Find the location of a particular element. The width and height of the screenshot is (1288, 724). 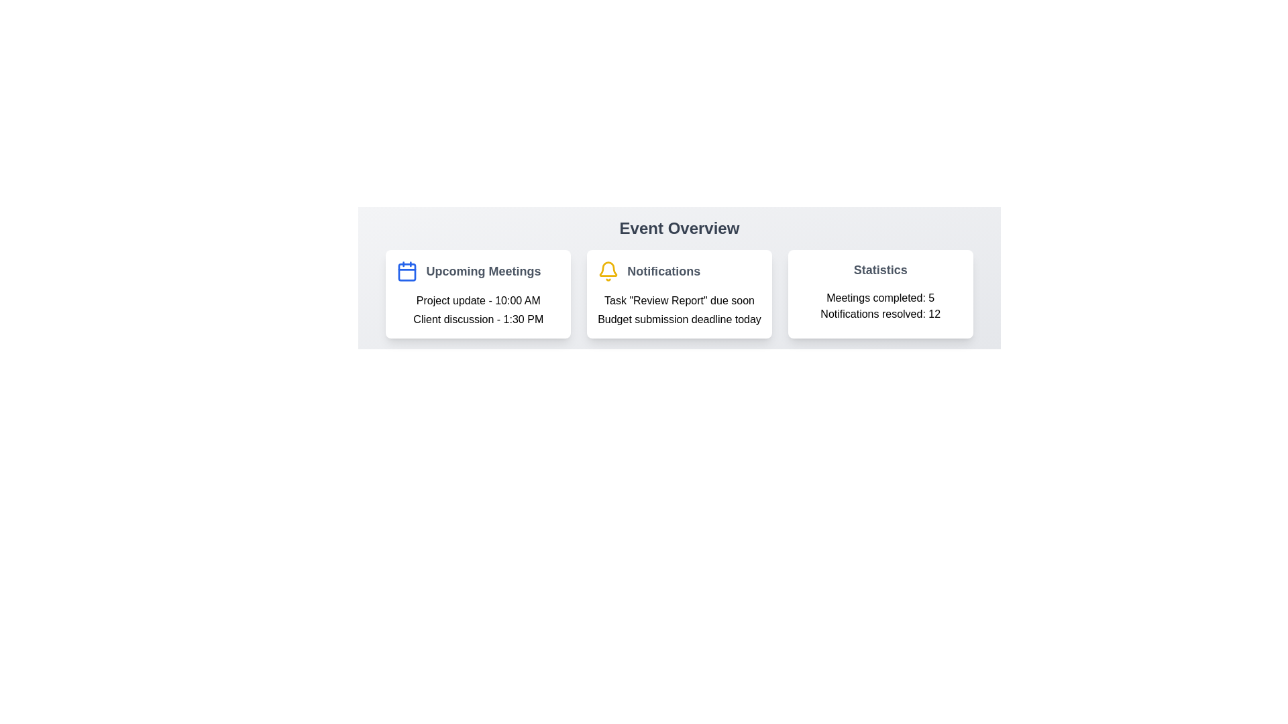

the notification displaying 'Task "Review Report" due soon' located in the Notifications section is located at coordinates (679, 300).